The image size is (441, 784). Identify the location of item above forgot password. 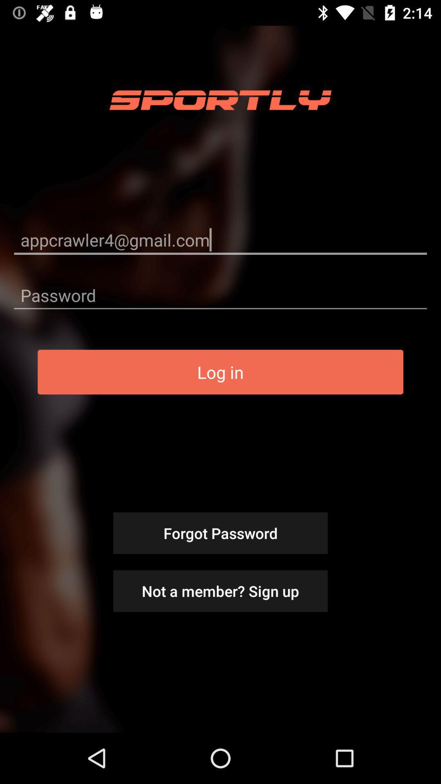
(220, 372).